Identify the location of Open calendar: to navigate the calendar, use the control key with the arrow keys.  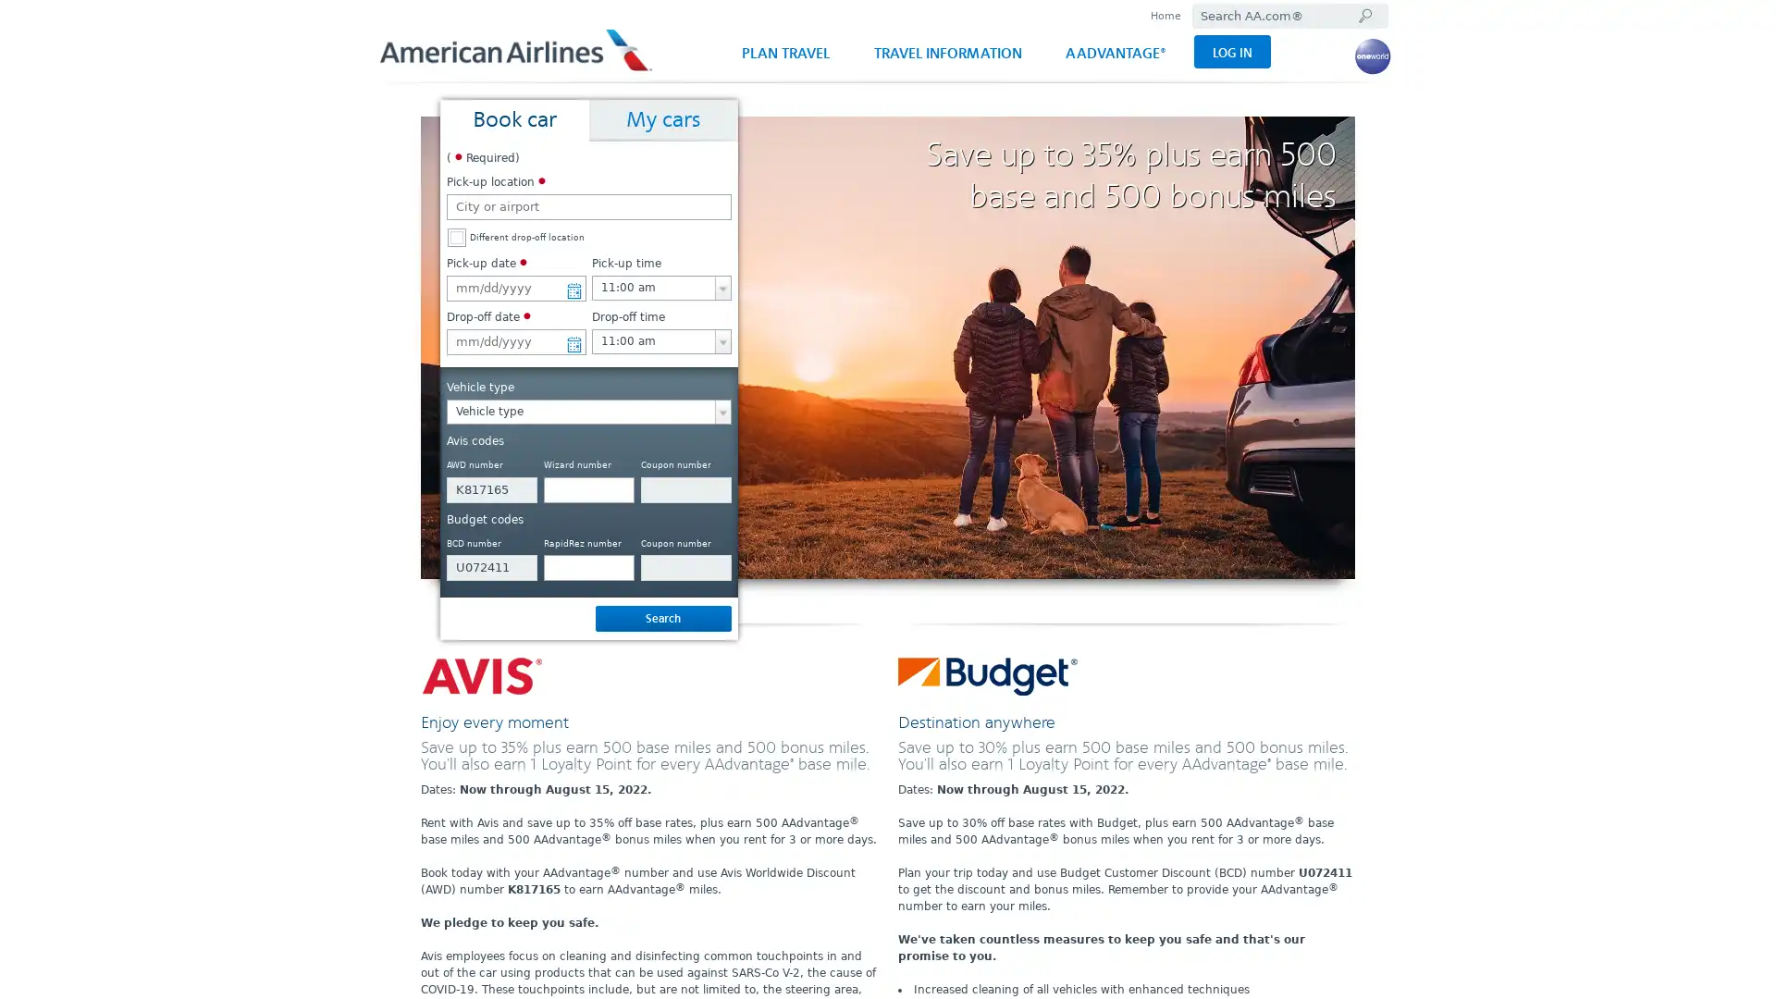
(572, 339).